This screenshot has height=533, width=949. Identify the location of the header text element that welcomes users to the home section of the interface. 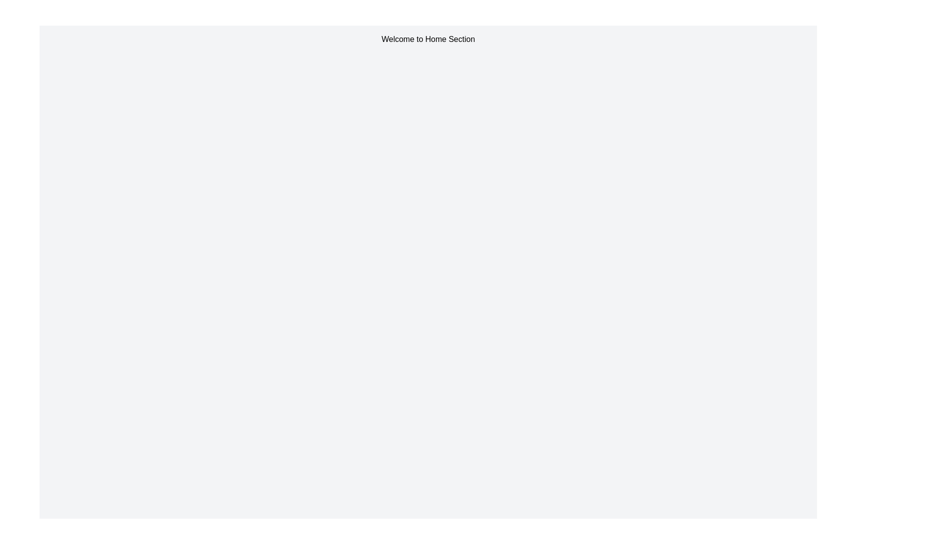
(428, 39).